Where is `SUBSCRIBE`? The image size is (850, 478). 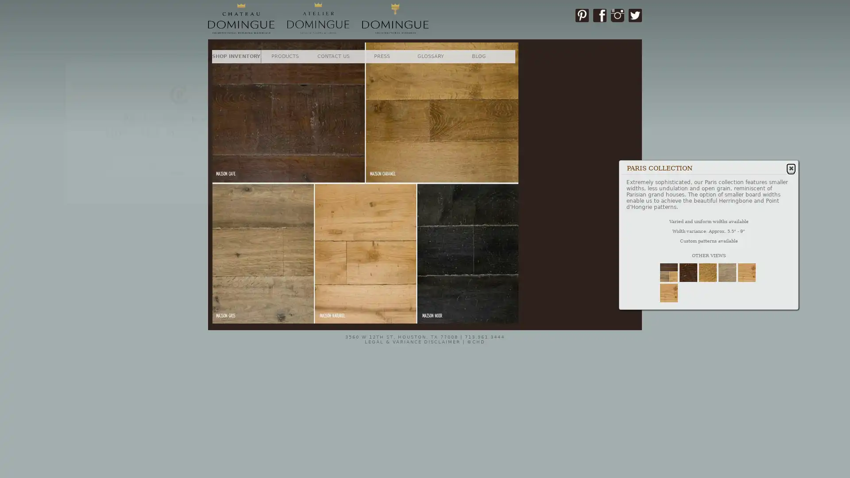
SUBSCRIBE is located at coordinates (258, 172).